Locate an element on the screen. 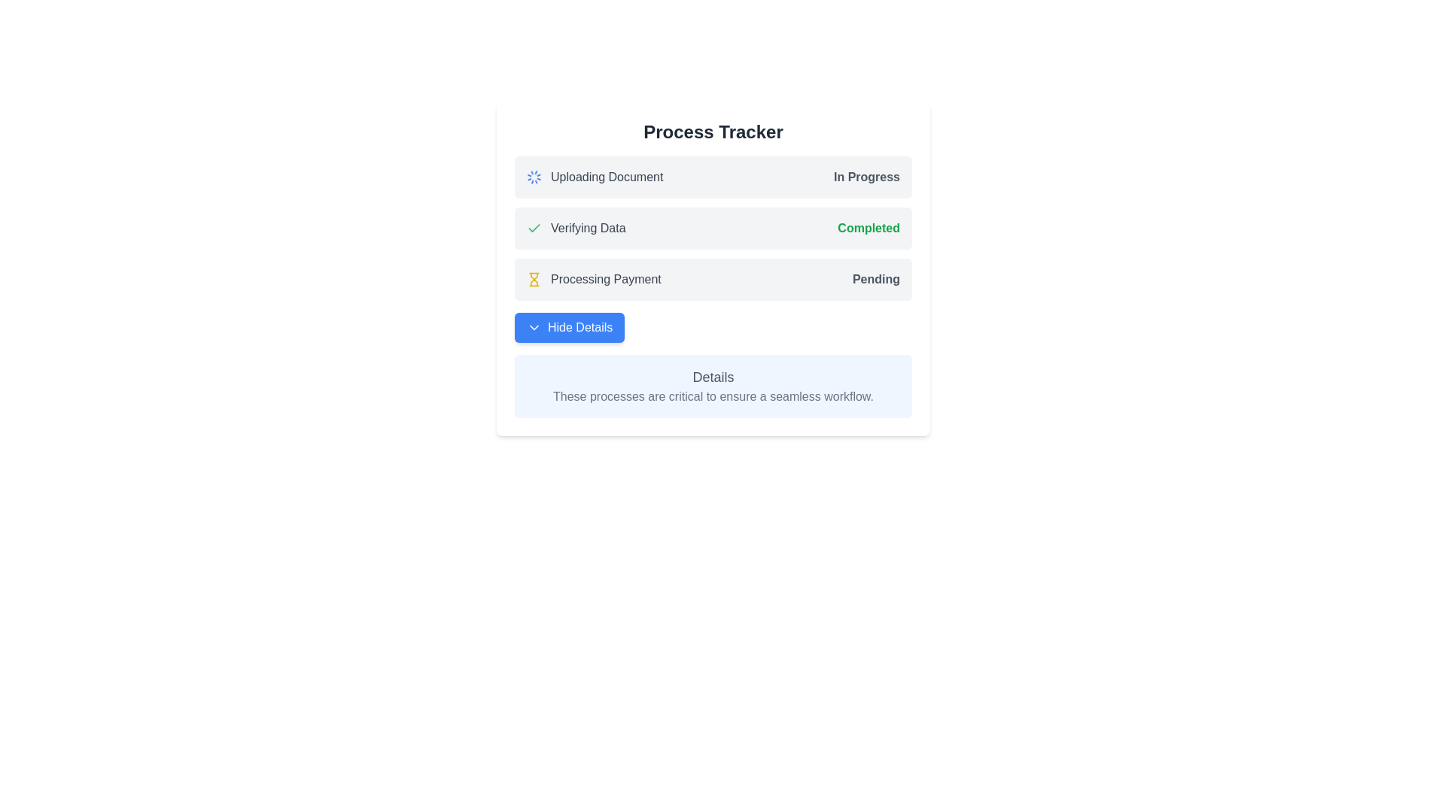  the 'Details' text label, which is a prominently placed, large font text styled with 'text-lg' and 'text-gray-600', located in a blue-highlighted 'Process Tracker' panel is located at coordinates (713, 376).